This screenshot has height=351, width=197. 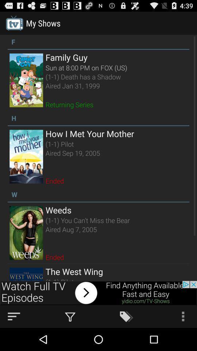 What do you see at coordinates (98, 293) in the screenshot?
I see `button for watch tv episodes` at bounding box center [98, 293].